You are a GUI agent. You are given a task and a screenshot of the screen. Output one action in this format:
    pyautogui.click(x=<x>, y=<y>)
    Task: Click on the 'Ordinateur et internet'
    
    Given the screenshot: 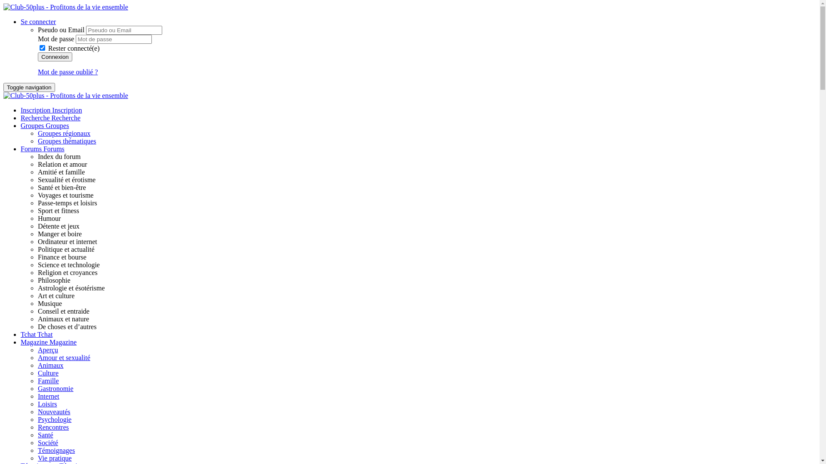 What is the action you would take?
    pyautogui.click(x=67, y=241)
    